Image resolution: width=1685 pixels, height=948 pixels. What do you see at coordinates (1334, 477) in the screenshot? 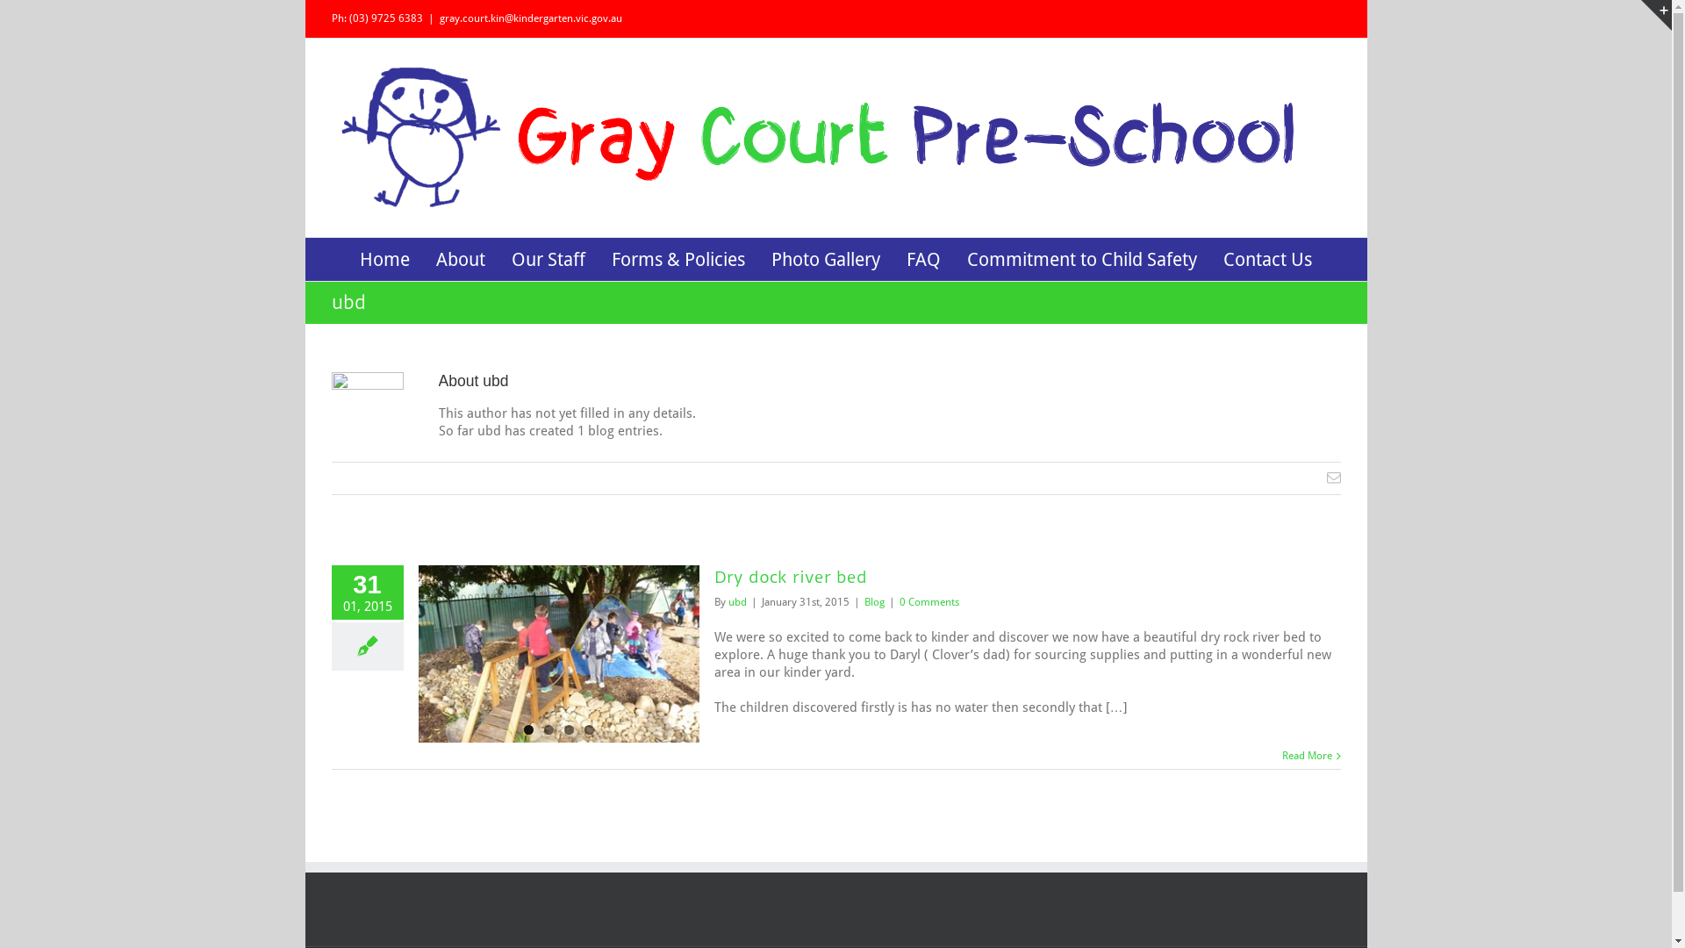
I see `'Mail'` at bounding box center [1334, 477].